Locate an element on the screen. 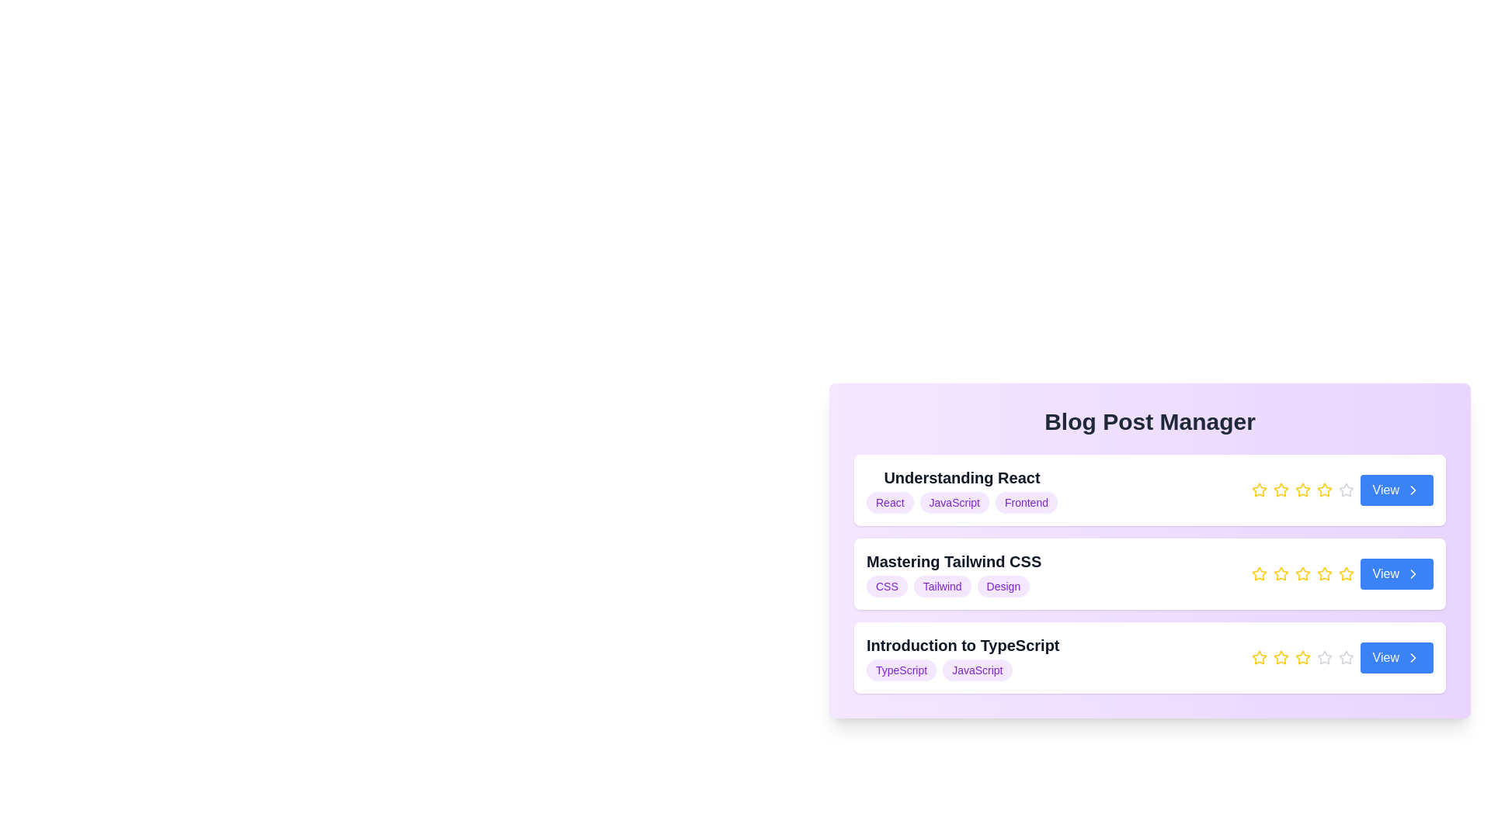 This screenshot has width=1491, height=838. the first star icon in the horizontal sequence of five stars to rate the 'Understanding React' post is located at coordinates (1259, 490).